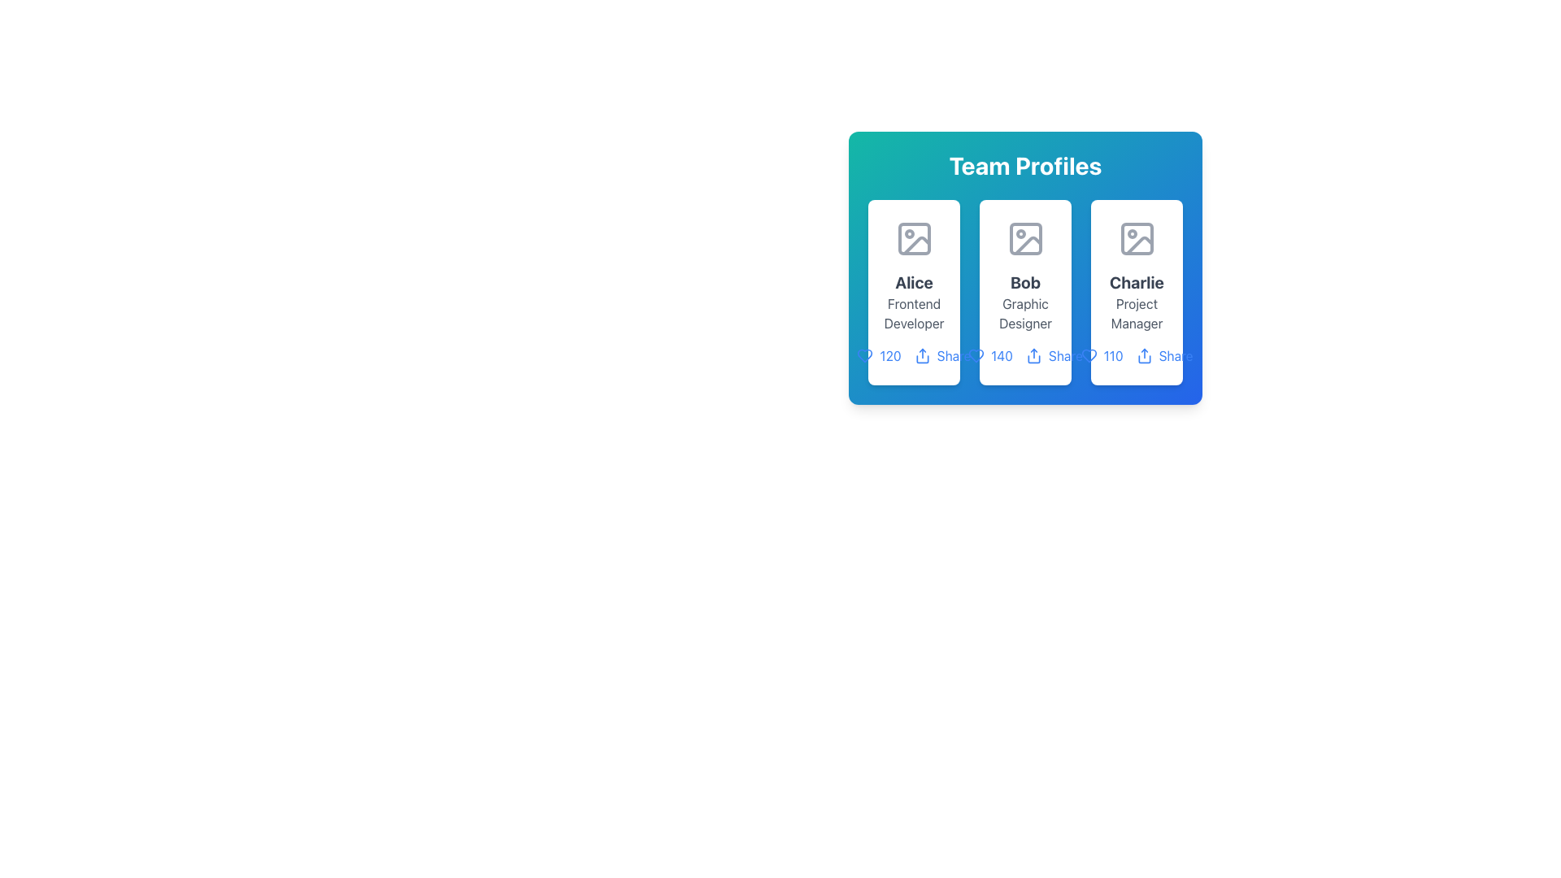 This screenshot has width=1561, height=878. Describe the element at coordinates (1102, 355) in the screenshot. I see `the blue number '110' located under the profile labeled 'Charlie', to the right of the heart icon` at that location.